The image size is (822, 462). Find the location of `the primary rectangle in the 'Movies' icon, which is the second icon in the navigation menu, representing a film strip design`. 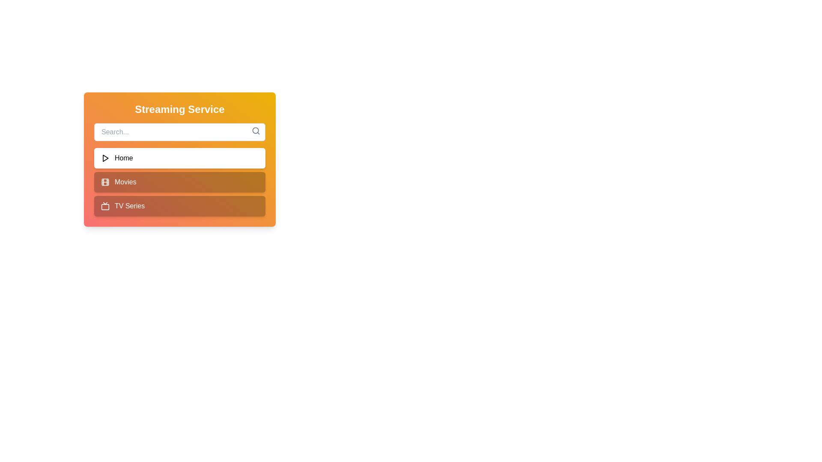

the primary rectangle in the 'Movies' icon, which is the second icon in the navigation menu, representing a film strip design is located at coordinates (104, 181).